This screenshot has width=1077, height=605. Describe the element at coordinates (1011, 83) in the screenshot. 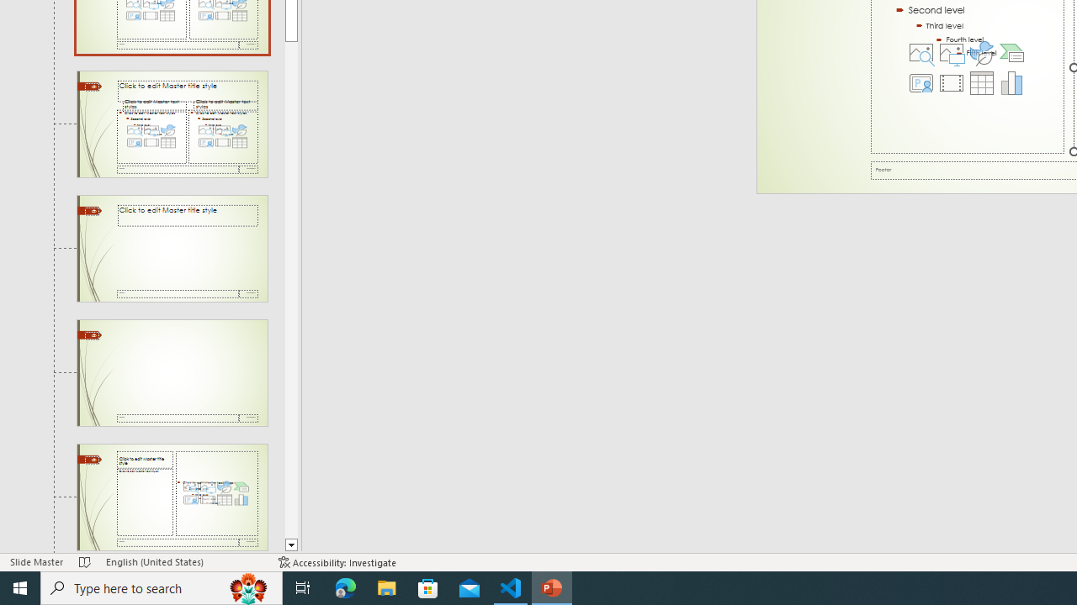

I see `'Insert Chart'` at that location.